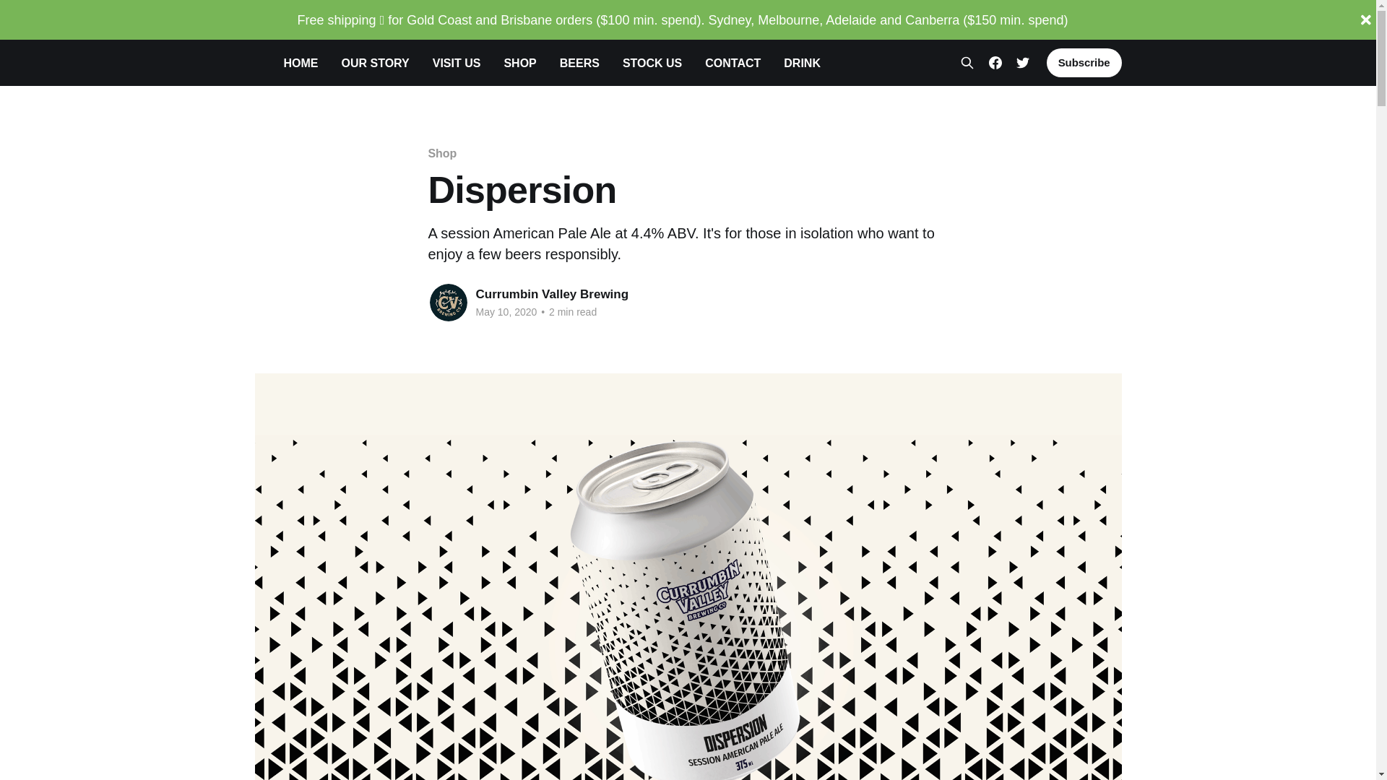  What do you see at coordinates (441, 153) in the screenshot?
I see `'Shop'` at bounding box center [441, 153].